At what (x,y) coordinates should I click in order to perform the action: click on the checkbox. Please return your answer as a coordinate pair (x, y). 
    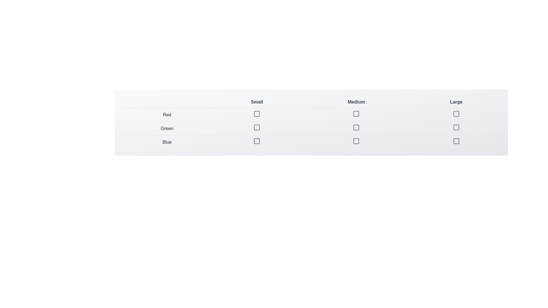
    Looking at the image, I should click on (456, 141).